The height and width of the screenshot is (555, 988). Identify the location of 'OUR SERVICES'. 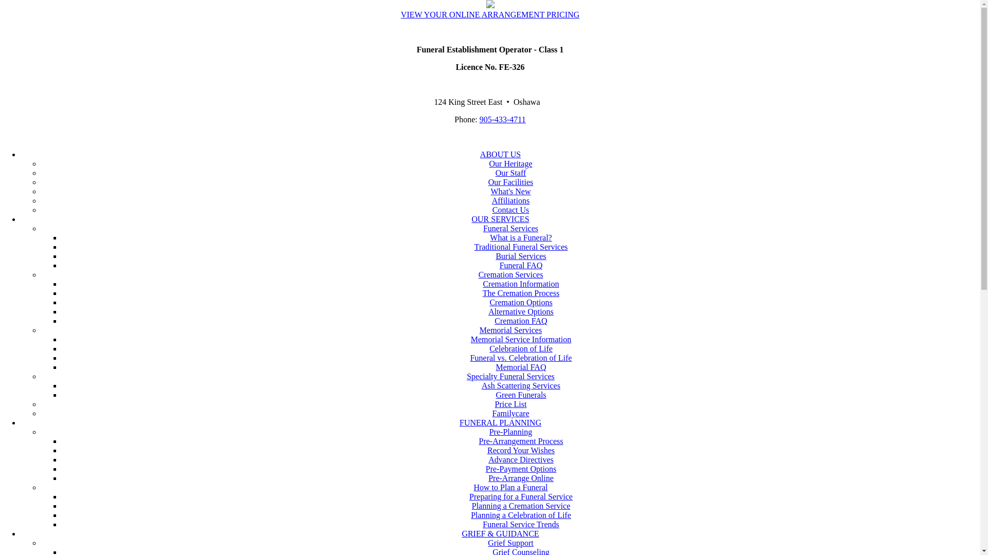
(500, 218).